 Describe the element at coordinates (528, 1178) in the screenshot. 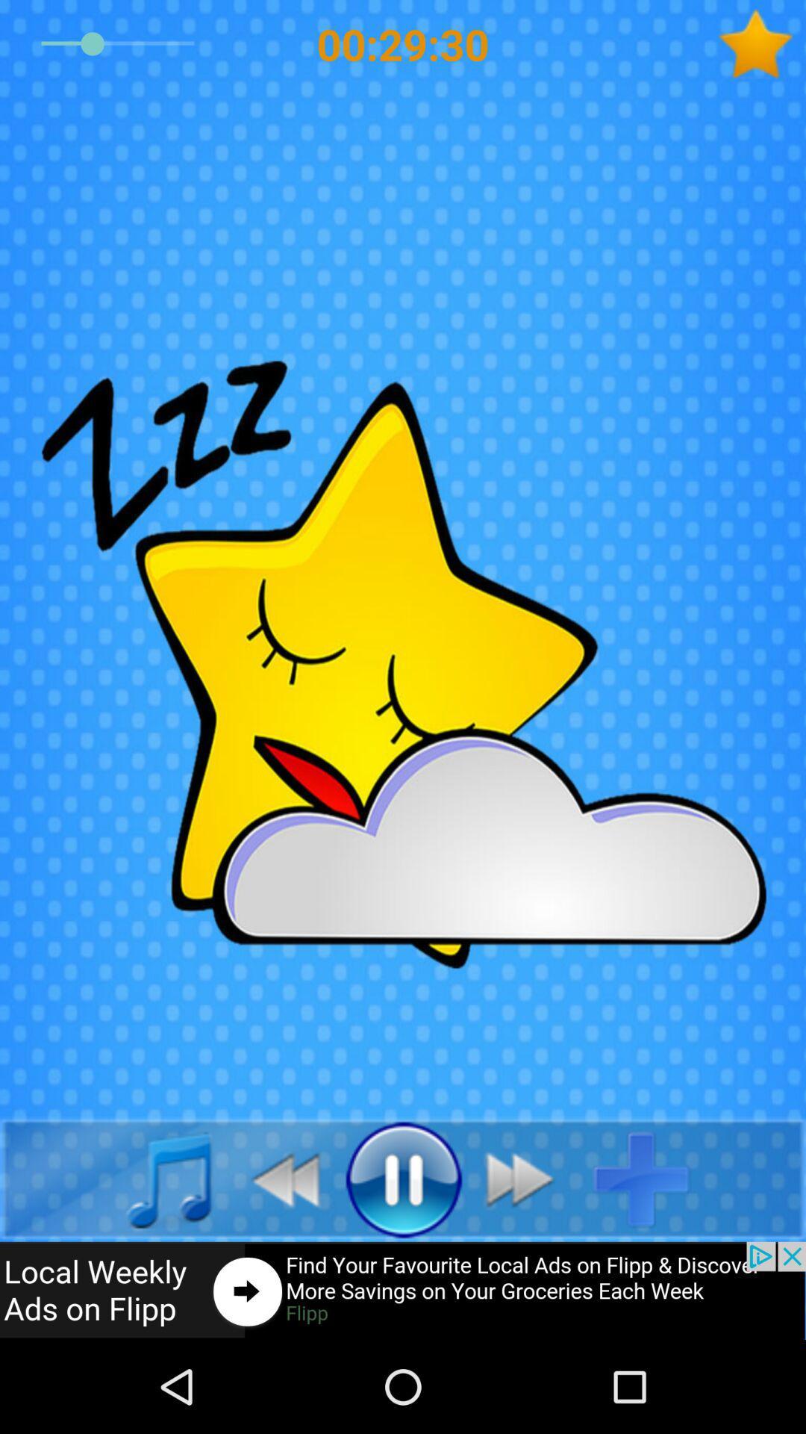

I see `the av_forward icon` at that location.